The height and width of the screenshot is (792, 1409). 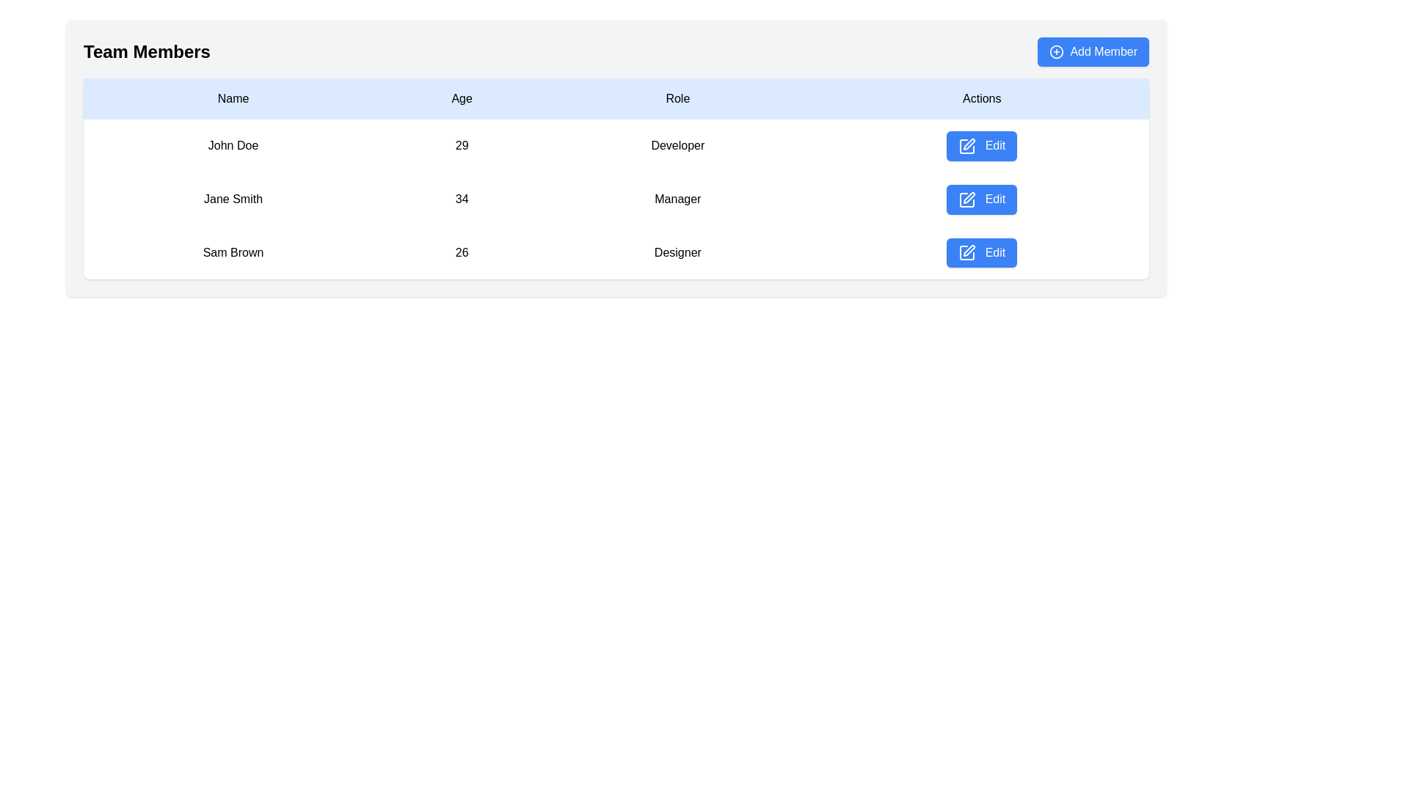 I want to click on the third row of the user details table, which is located below the rows for 'John Doe' and 'Jane Smith', so click(x=616, y=251).